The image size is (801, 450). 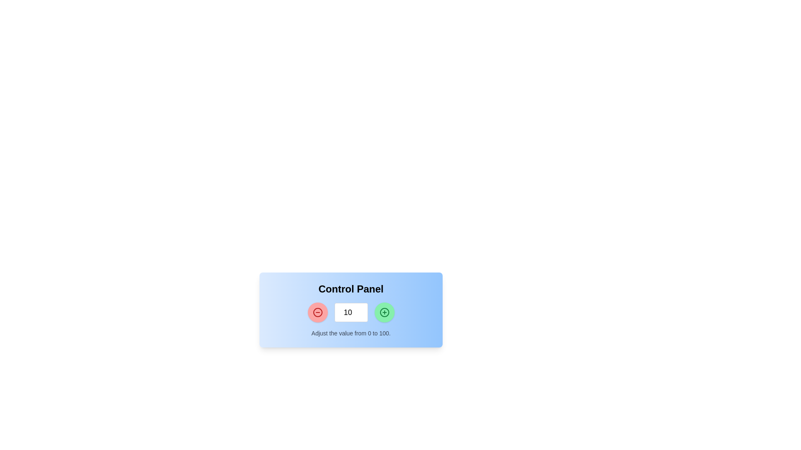 I want to click on the SVG Circle Element on the control panel interface to decrement the value in the adjacent input field, so click(x=317, y=312).